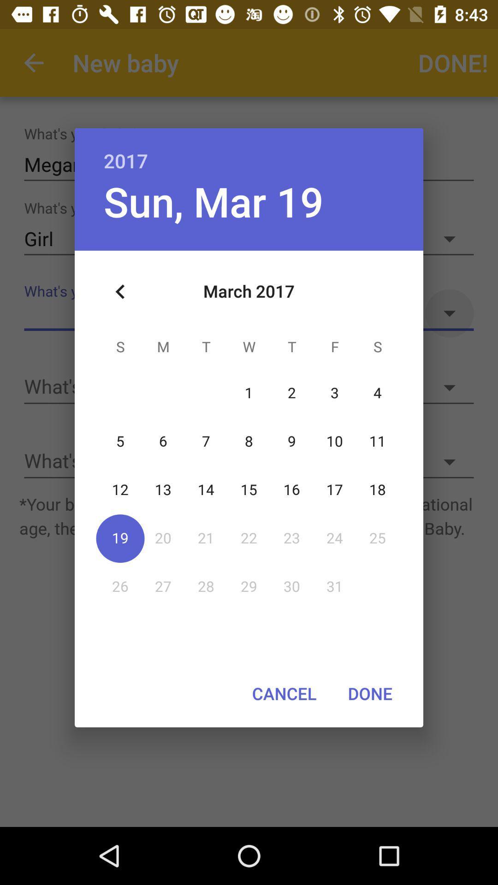  I want to click on done at the bottom right corner, so click(369, 693).